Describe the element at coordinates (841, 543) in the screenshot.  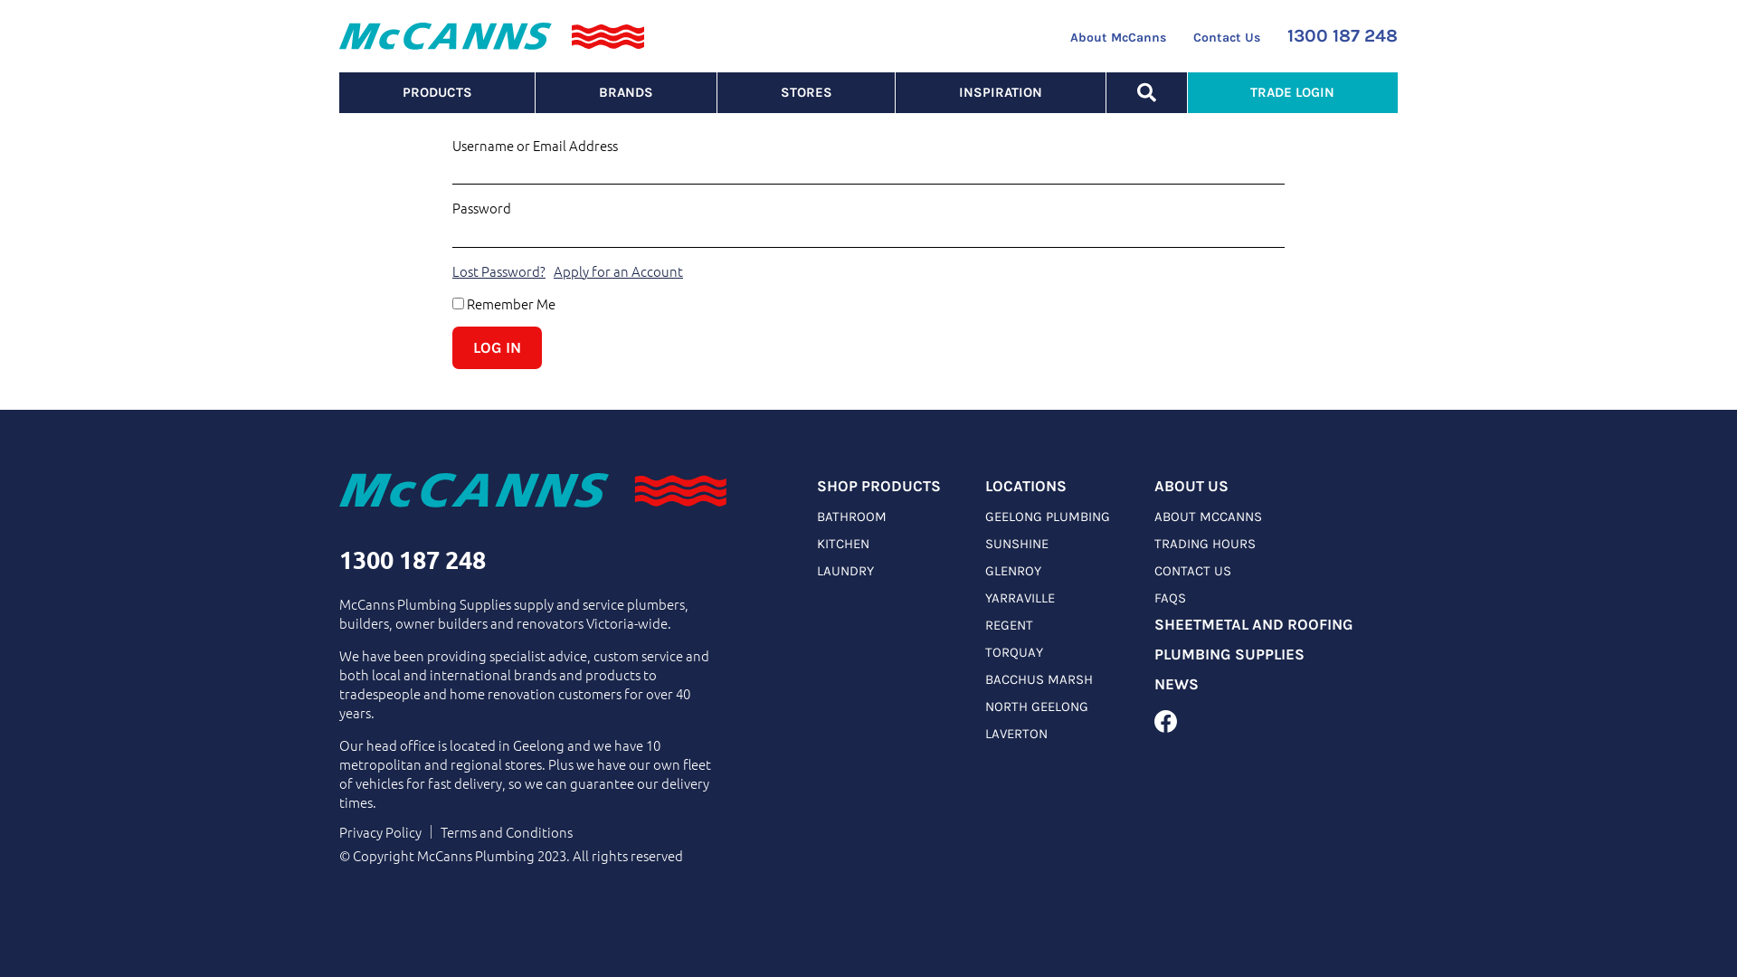
I see `'KITCHEN'` at that location.